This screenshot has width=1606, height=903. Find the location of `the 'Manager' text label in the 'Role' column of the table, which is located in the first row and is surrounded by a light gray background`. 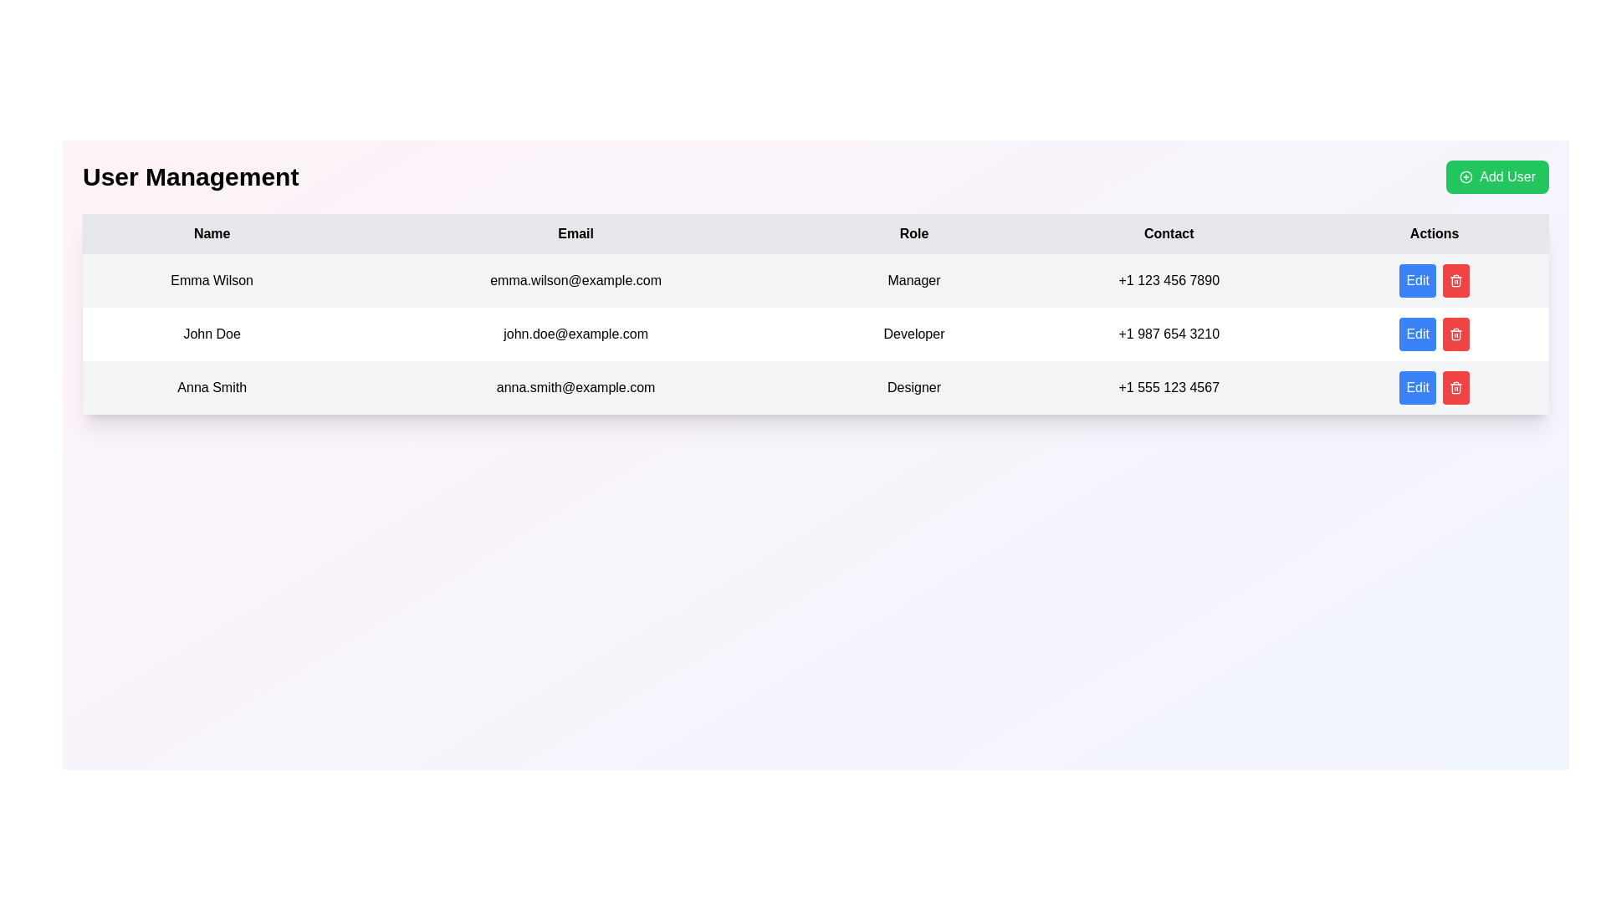

the 'Manager' text label in the 'Role' column of the table, which is located in the first row and is surrounded by a light gray background is located at coordinates (913, 279).